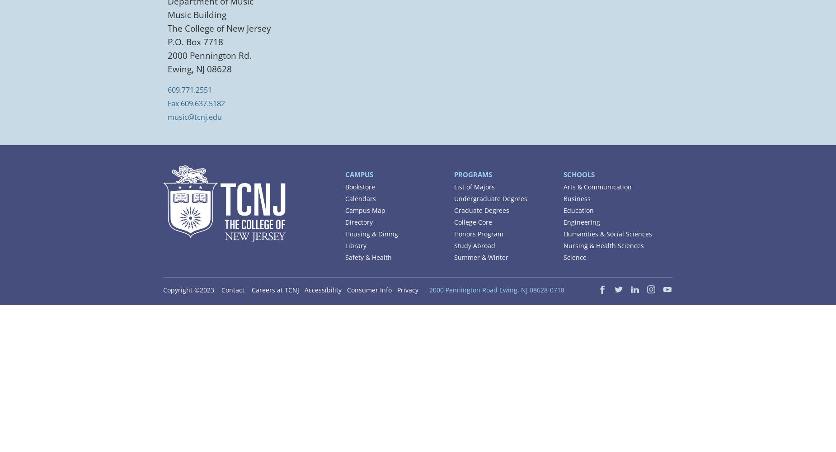  What do you see at coordinates (481, 256) in the screenshot?
I see `'Summer & Winter'` at bounding box center [481, 256].